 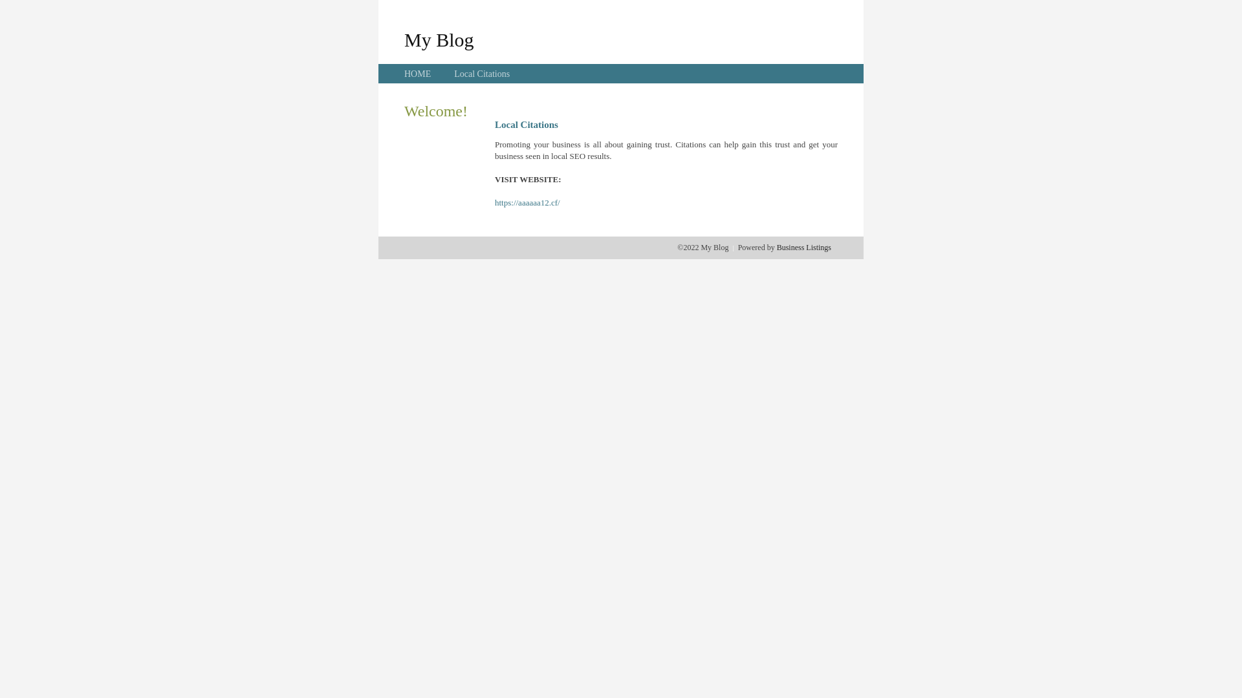 I want to click on 'My Blog', so click(x=439, y=39).